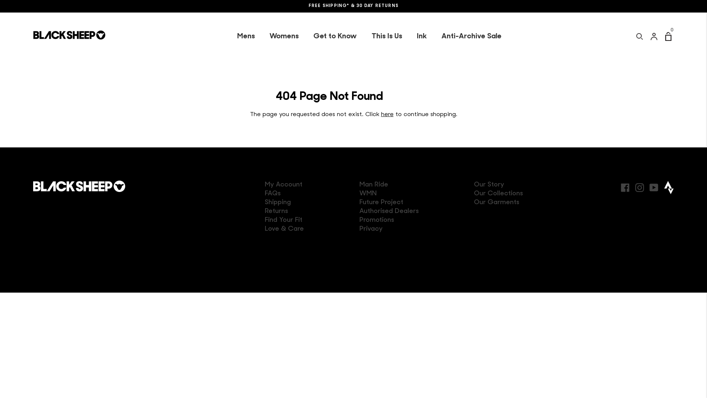 The height and width of the screenshot is (398, 707). I want to click on 'Our Collections', so click(498, 193).